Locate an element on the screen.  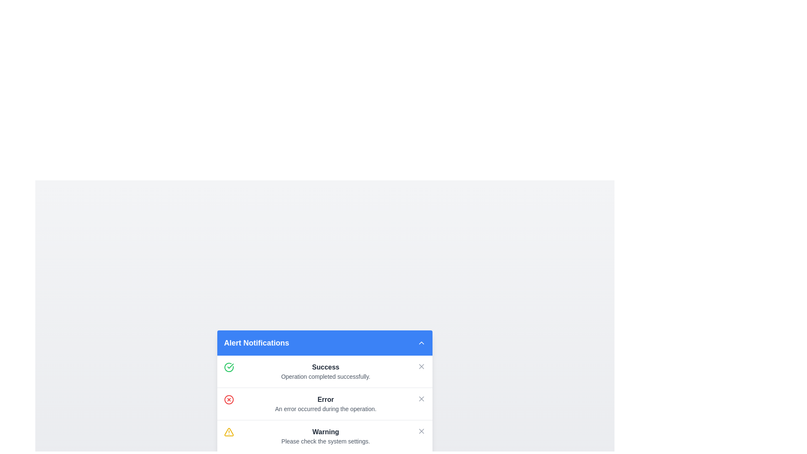
the yellow triangular warning icon with an exclamation mark inside, located to the left of the 'Warning' title in the third entry of the notification list is located at coordinates (229, 432).